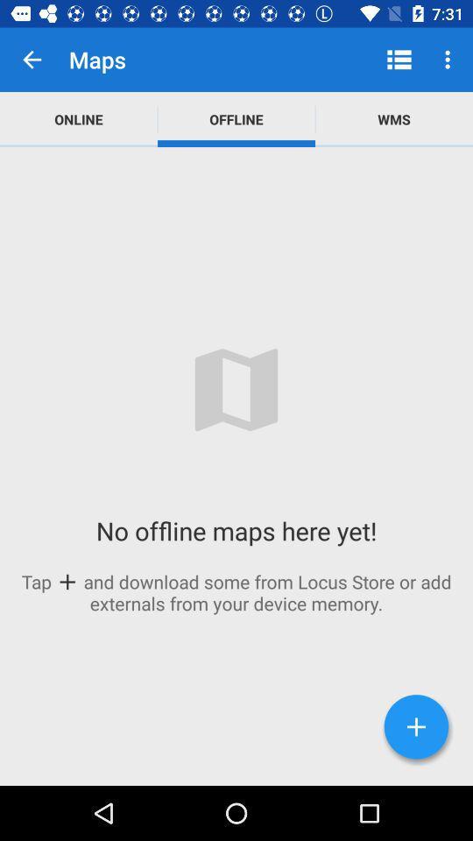 This screenshot has height=841, width=473. I want to click on item next to maps app, so click(32, 60).